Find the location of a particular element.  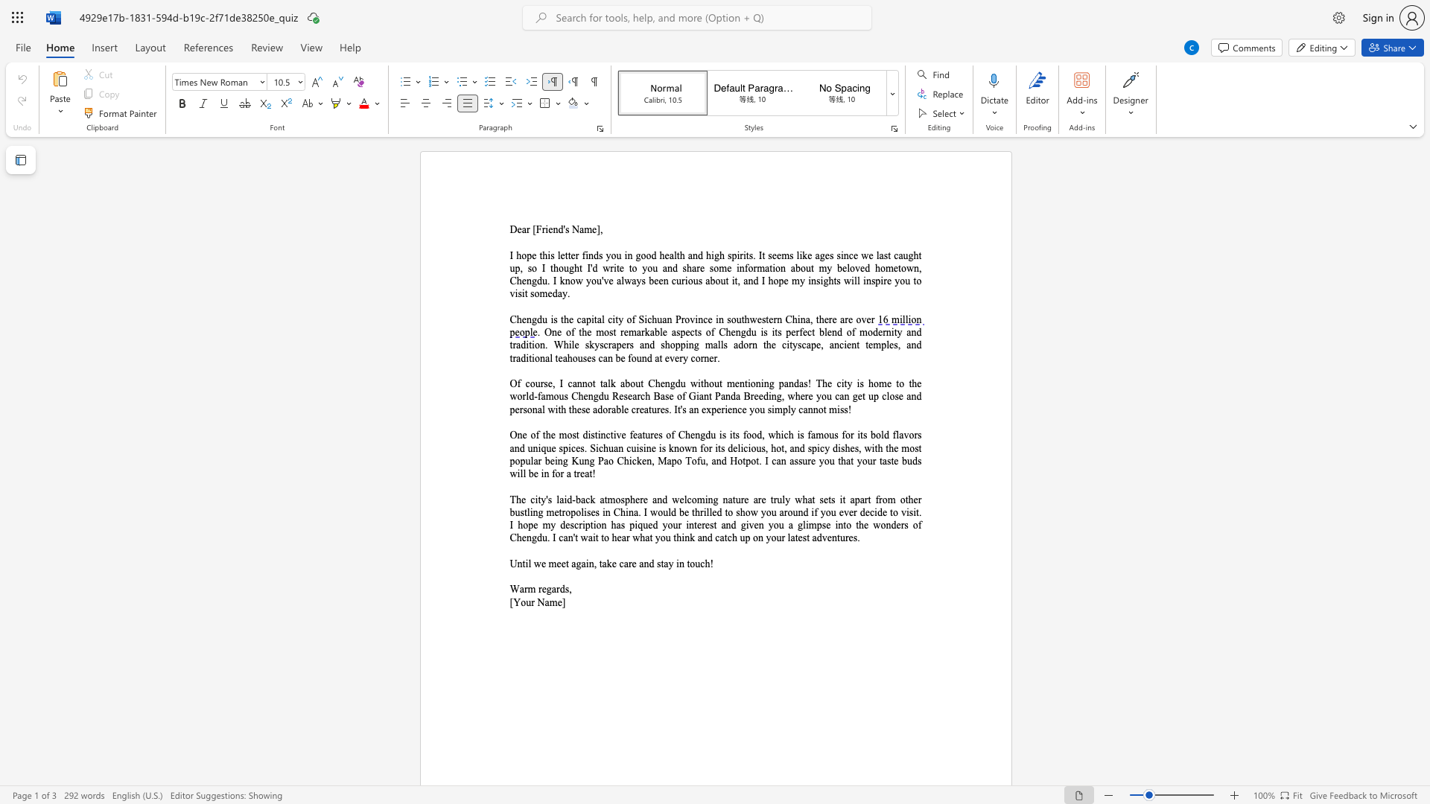

the space between the continuous character "d" and "u" in the text is located at coordinates (541, 319).